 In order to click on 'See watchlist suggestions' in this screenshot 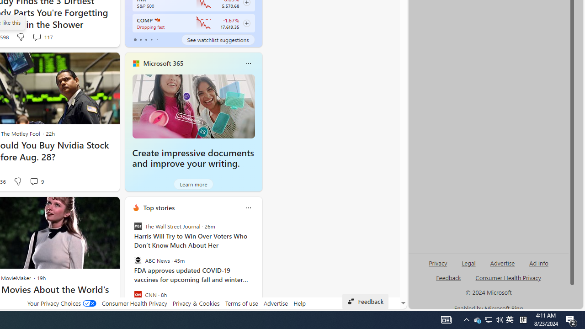, I will do `click(217, 39)`.